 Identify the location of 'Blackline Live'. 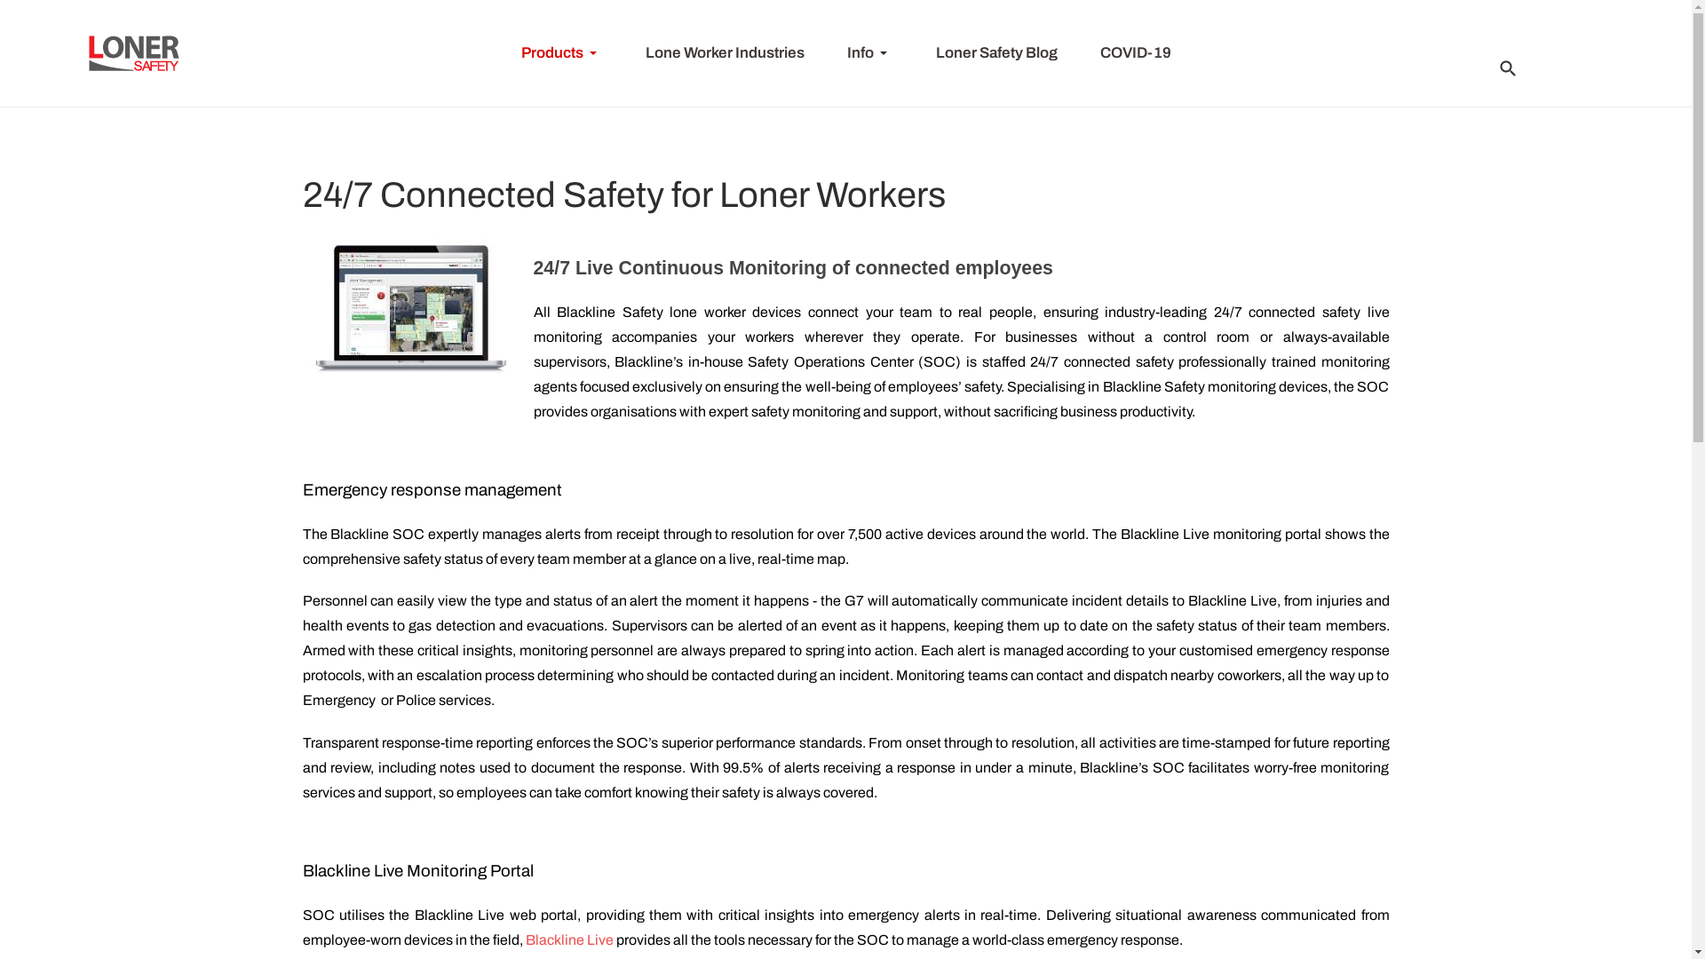
(569, 939).